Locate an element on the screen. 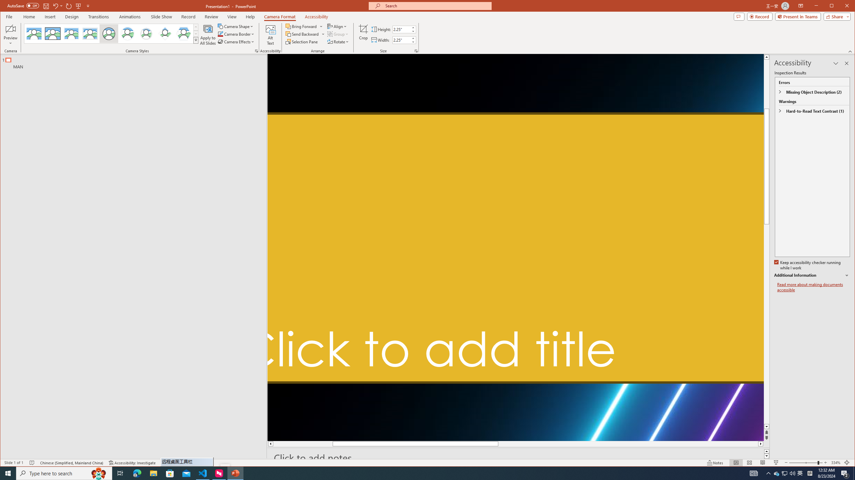 The height and width of the screenshot is (480, 855). 'Send Backward' is located at coordinates (305, 34).